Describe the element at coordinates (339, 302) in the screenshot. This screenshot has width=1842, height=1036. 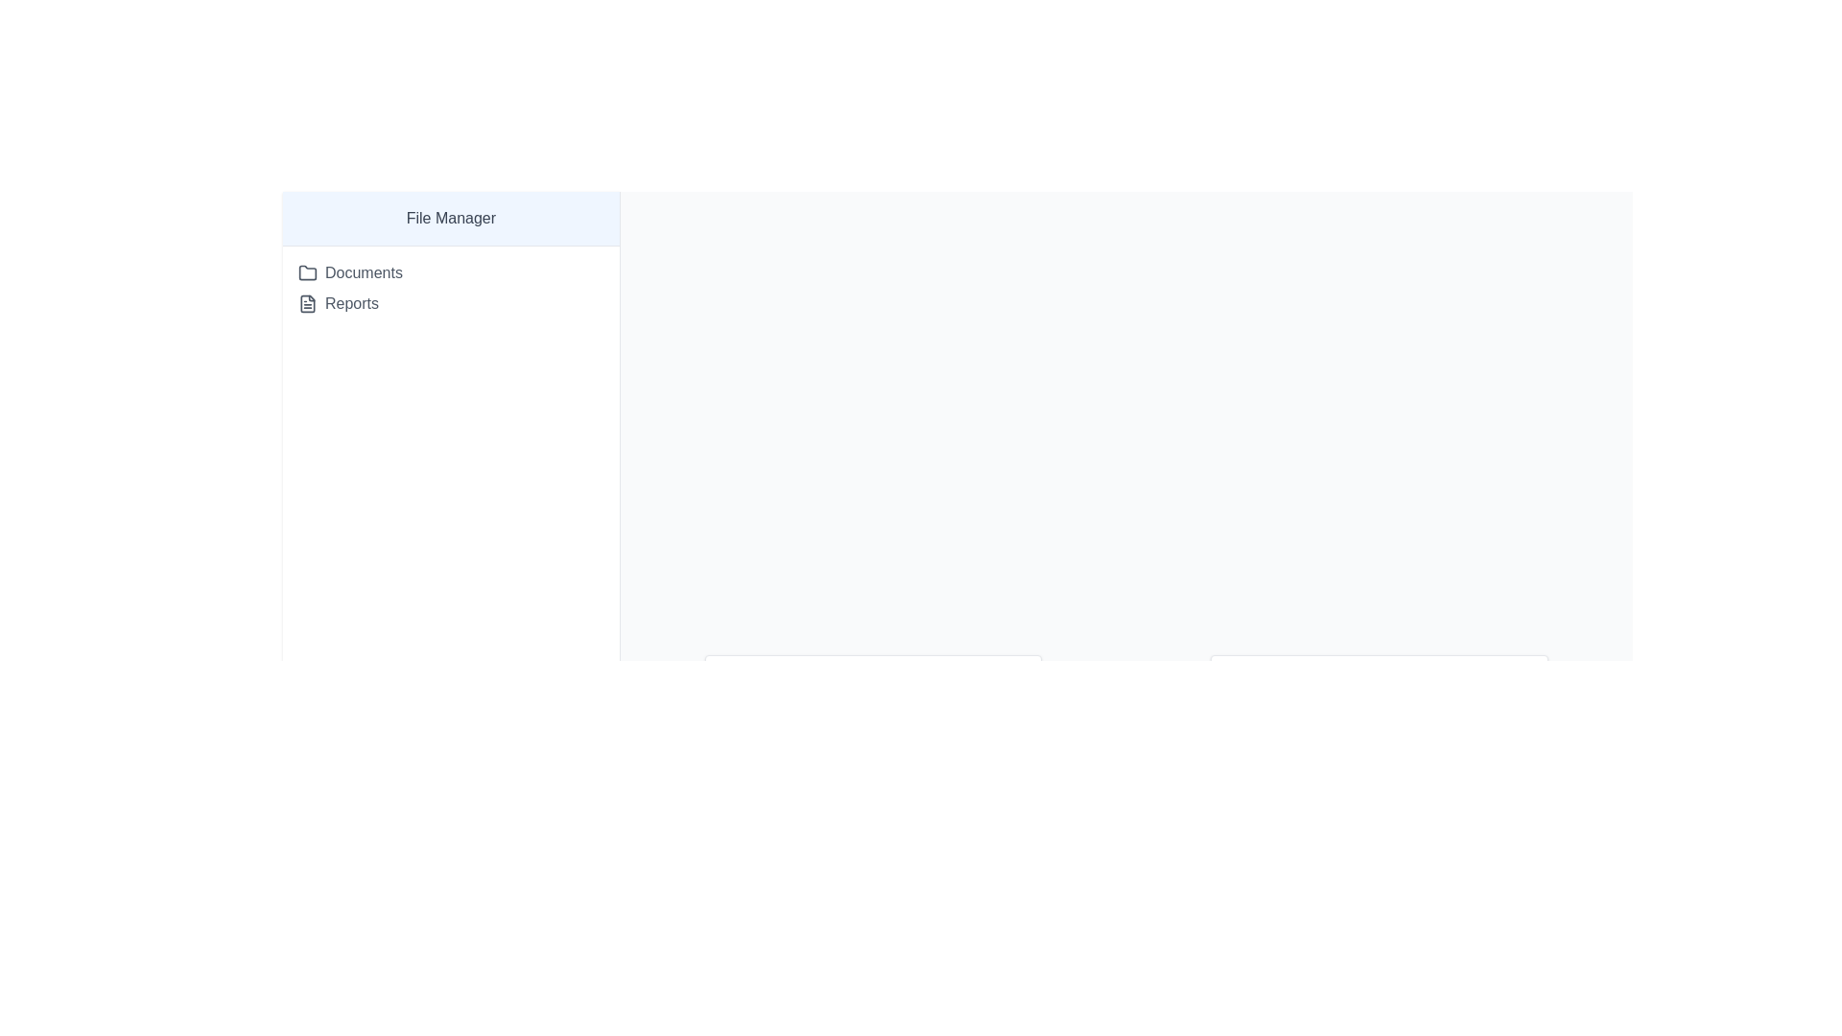
I see `the 'Reports' menu item, which is a horizontal arrangement consisting of a document icon followed by the word 'Reports' in dark gray that turns blue on hover, located under the 'Documents' folder icon in the left-hand side navigation menu` at that location.